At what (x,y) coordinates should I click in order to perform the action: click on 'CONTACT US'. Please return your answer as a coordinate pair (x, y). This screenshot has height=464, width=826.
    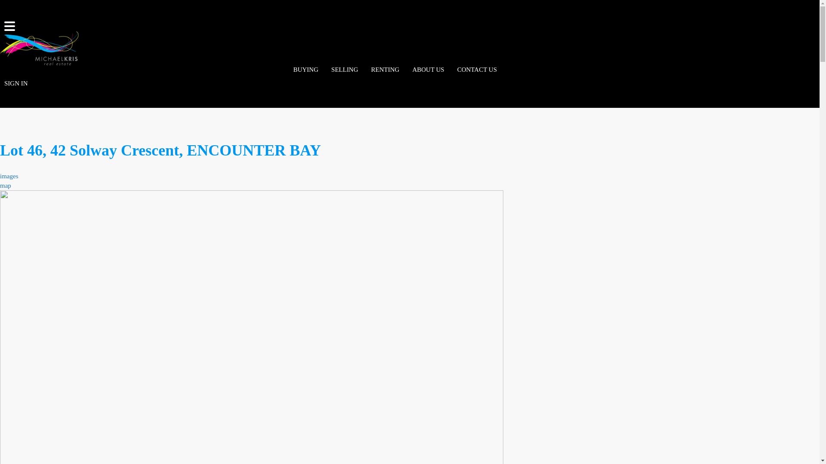
    Looking at the image, I should click on (476, 69).